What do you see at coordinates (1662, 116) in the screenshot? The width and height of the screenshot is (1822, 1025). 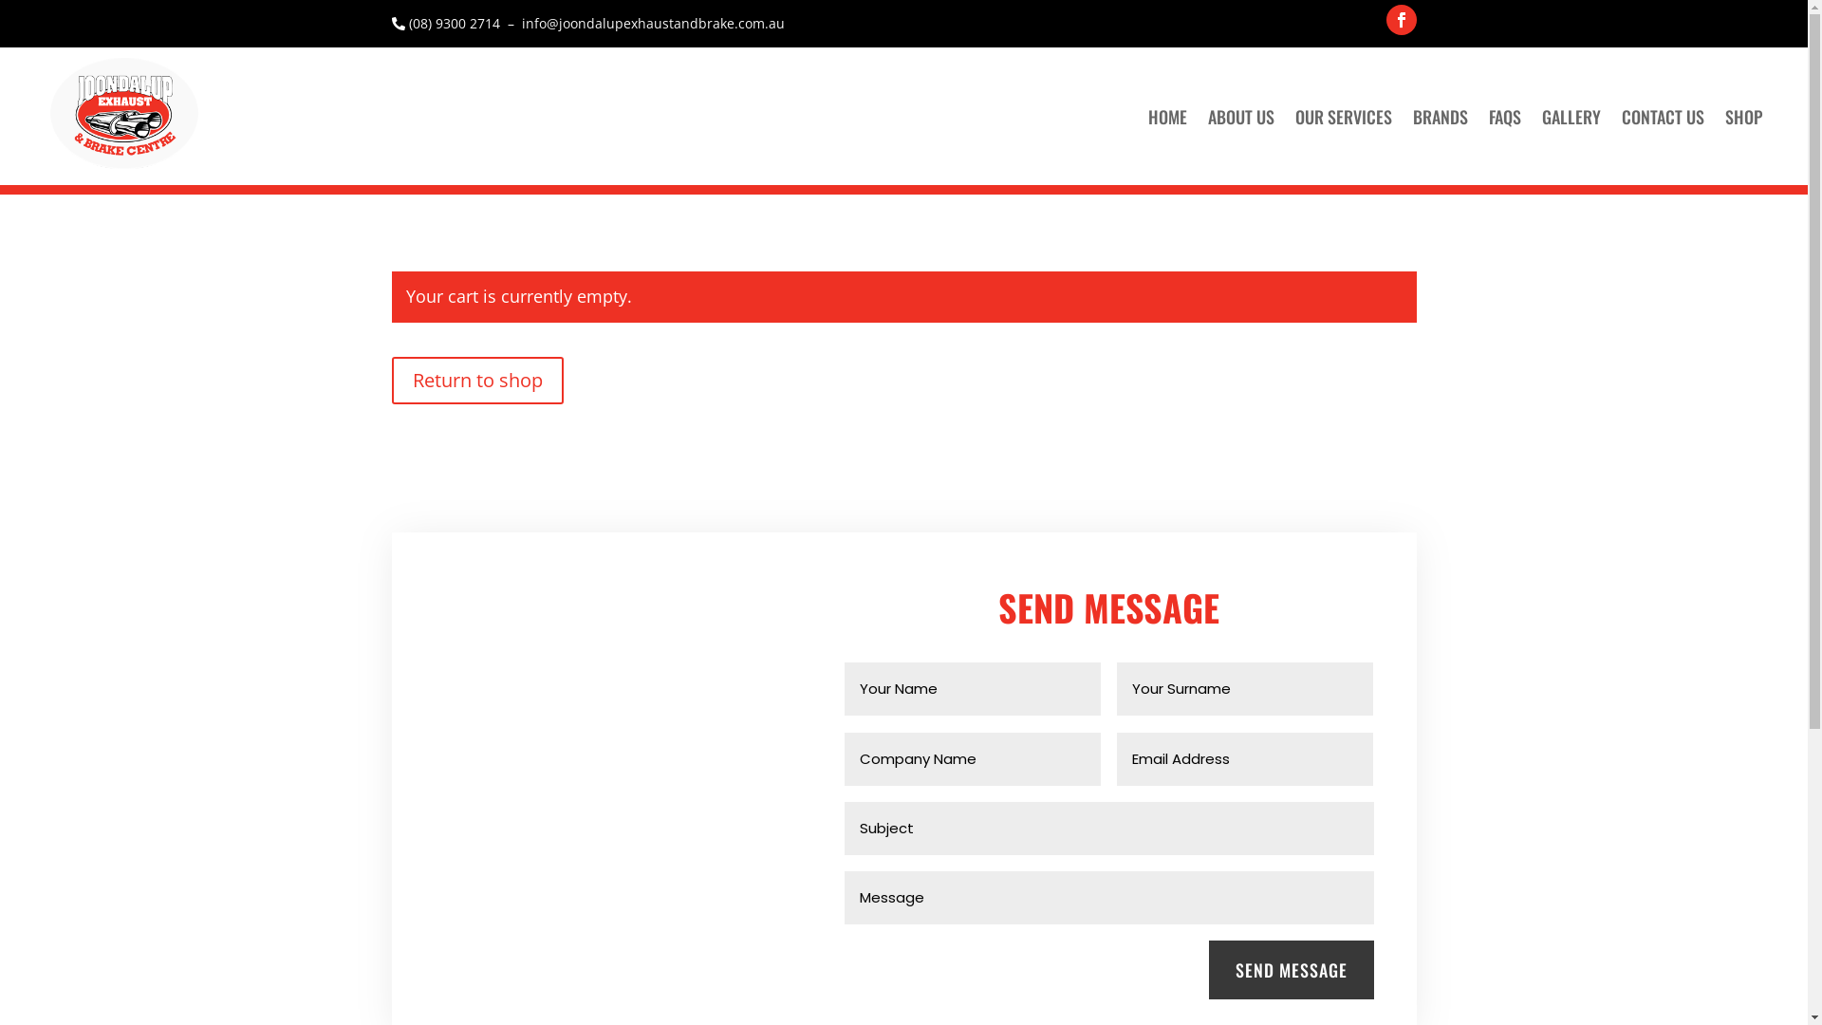 I see `'CONTACT US'` at bounding box center [1662, 116].